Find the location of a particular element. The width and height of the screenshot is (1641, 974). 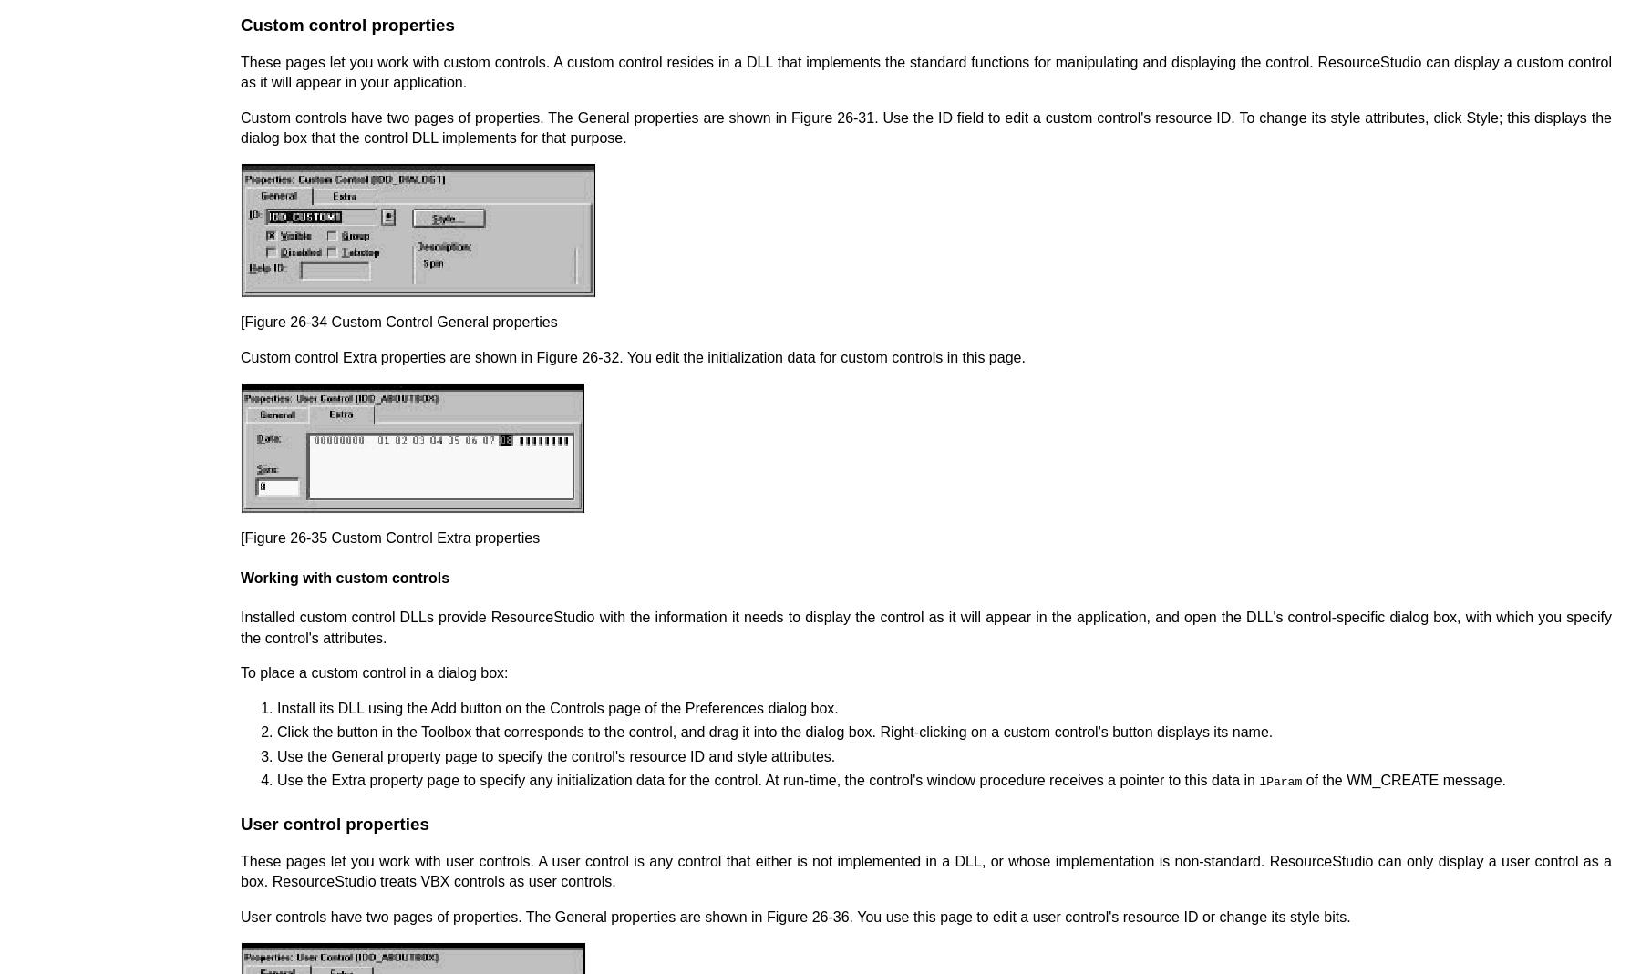

'User control properties' is located at coordinates (335, 822).